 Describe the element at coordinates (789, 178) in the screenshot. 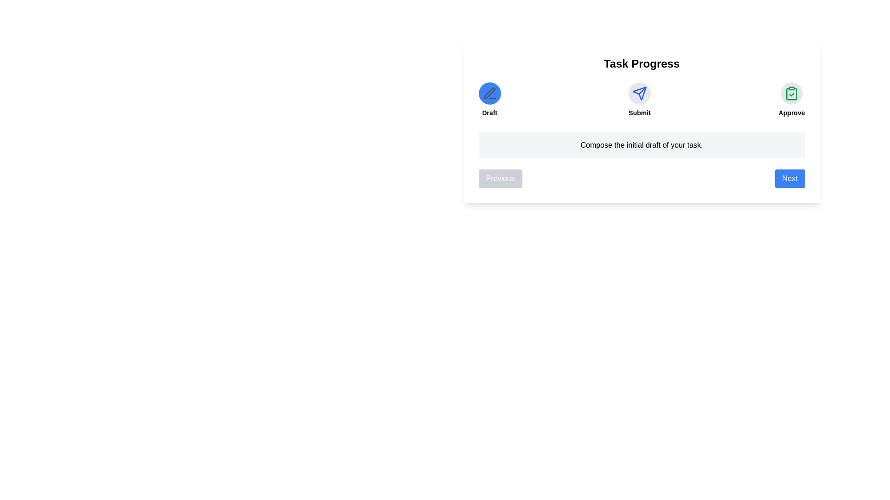

I see `the 'Next' button to proceed to the next step in the task progress tracker` at that location.